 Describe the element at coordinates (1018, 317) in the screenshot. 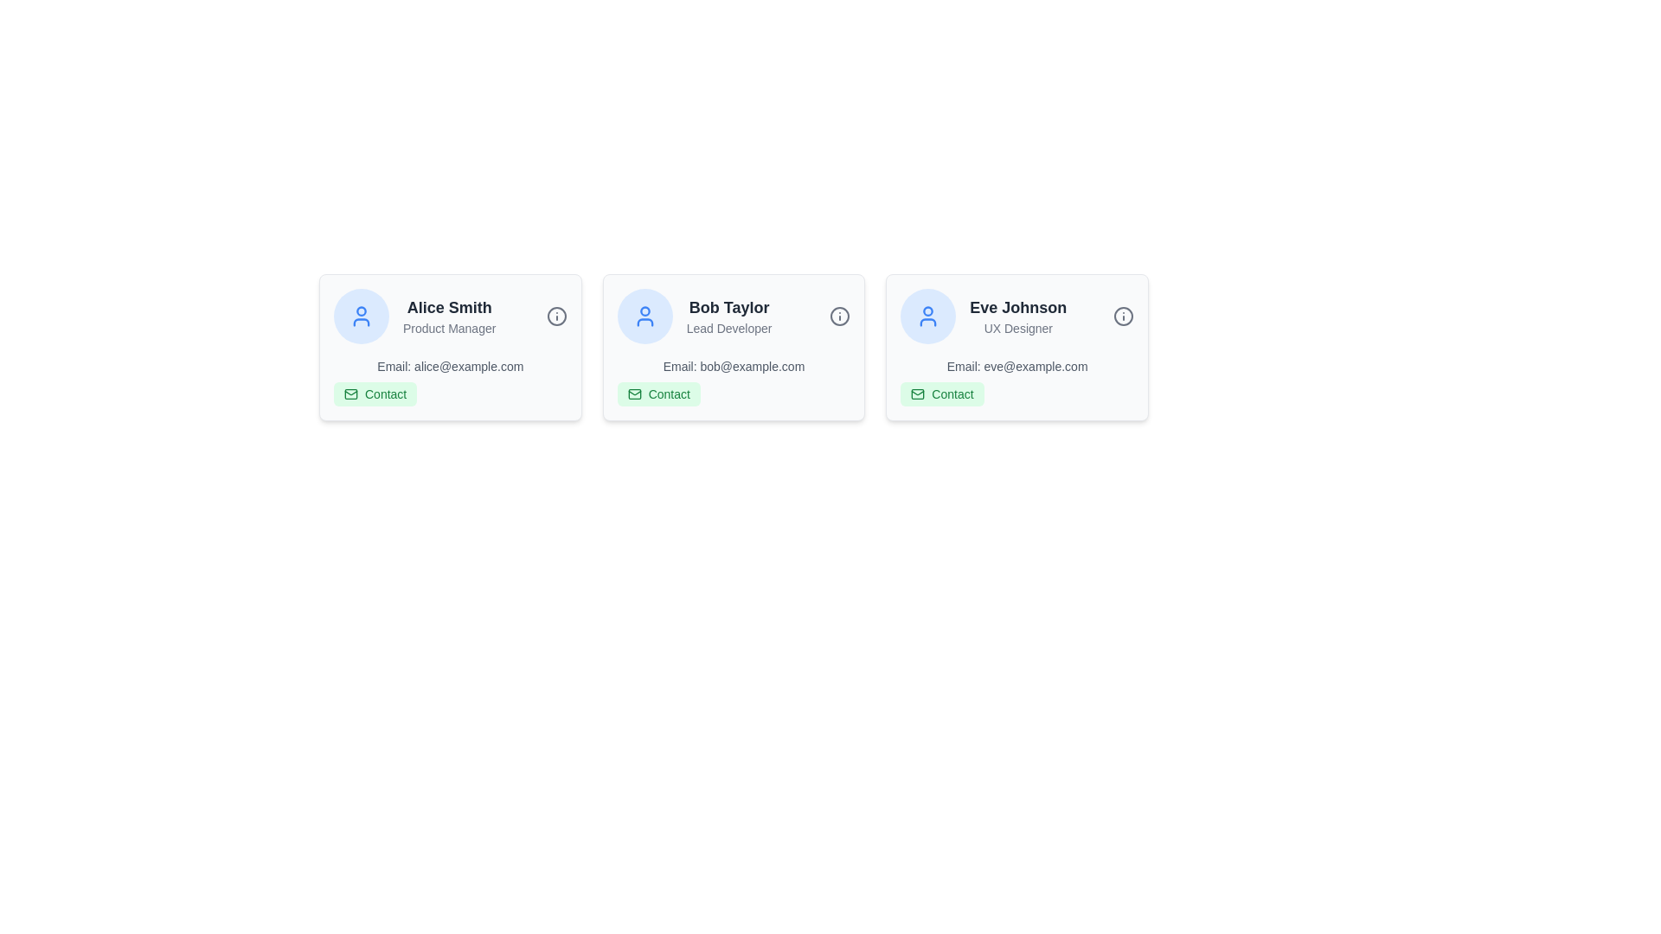

I see `text content of the title and job title located in the third card, which is centrally positioned above the email address and the green 'Contact' button, with a blue circular user icon to the left and an 'i' icon to the right` at that location.